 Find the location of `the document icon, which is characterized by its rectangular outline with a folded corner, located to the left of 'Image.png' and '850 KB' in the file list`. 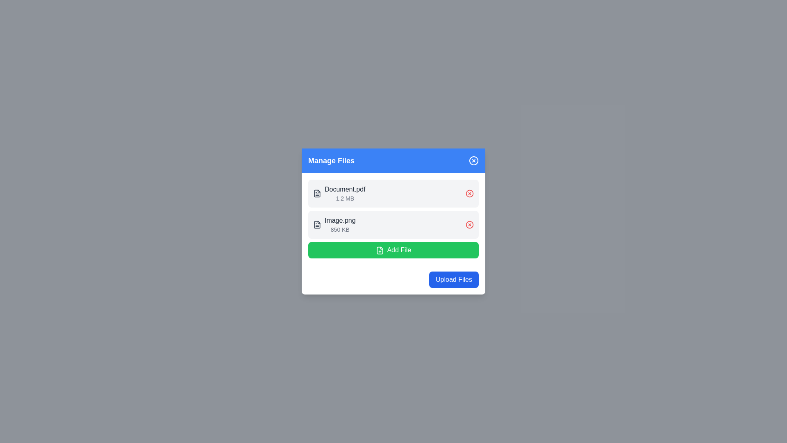

the document icon, which is characterized by its rectangular outline with a folded corner, located to the left of 'Image.png' and '850 KB' in the file list is located at coordinates (316, 224).